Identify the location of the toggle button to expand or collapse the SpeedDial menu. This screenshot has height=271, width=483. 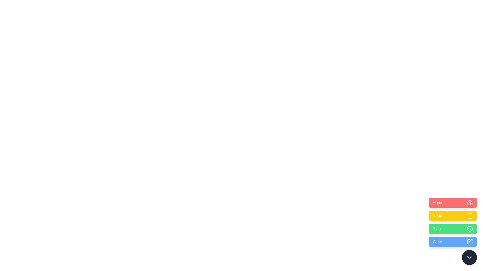
(469, 257).